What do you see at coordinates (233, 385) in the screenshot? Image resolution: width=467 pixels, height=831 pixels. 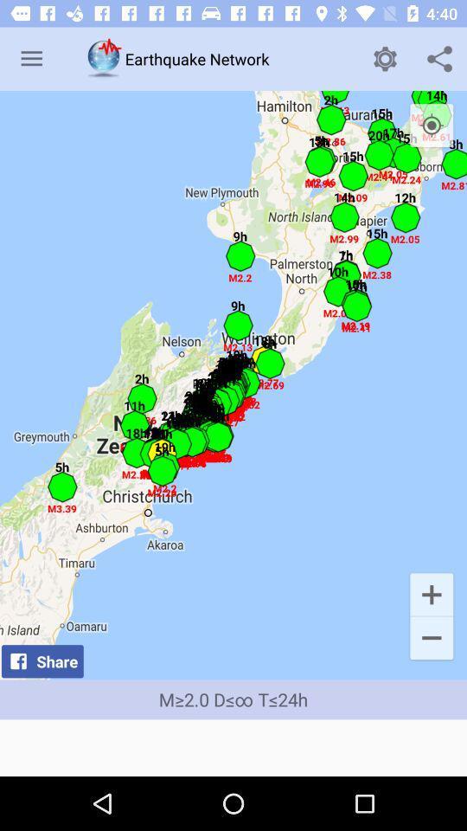 I see `the icon at the center` at bounding box center [233, 385].